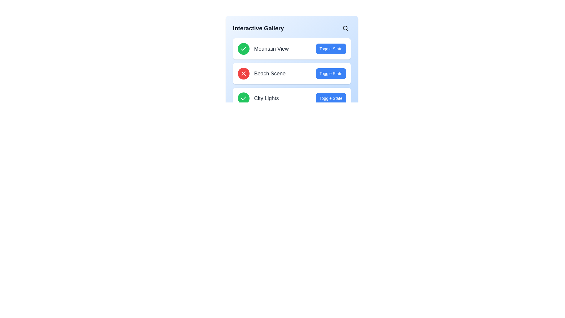  Describe the element at coordinates (331, 48) in the screenshot. I see `'Toggle State' button for the item labeled Mountain View` at that location.